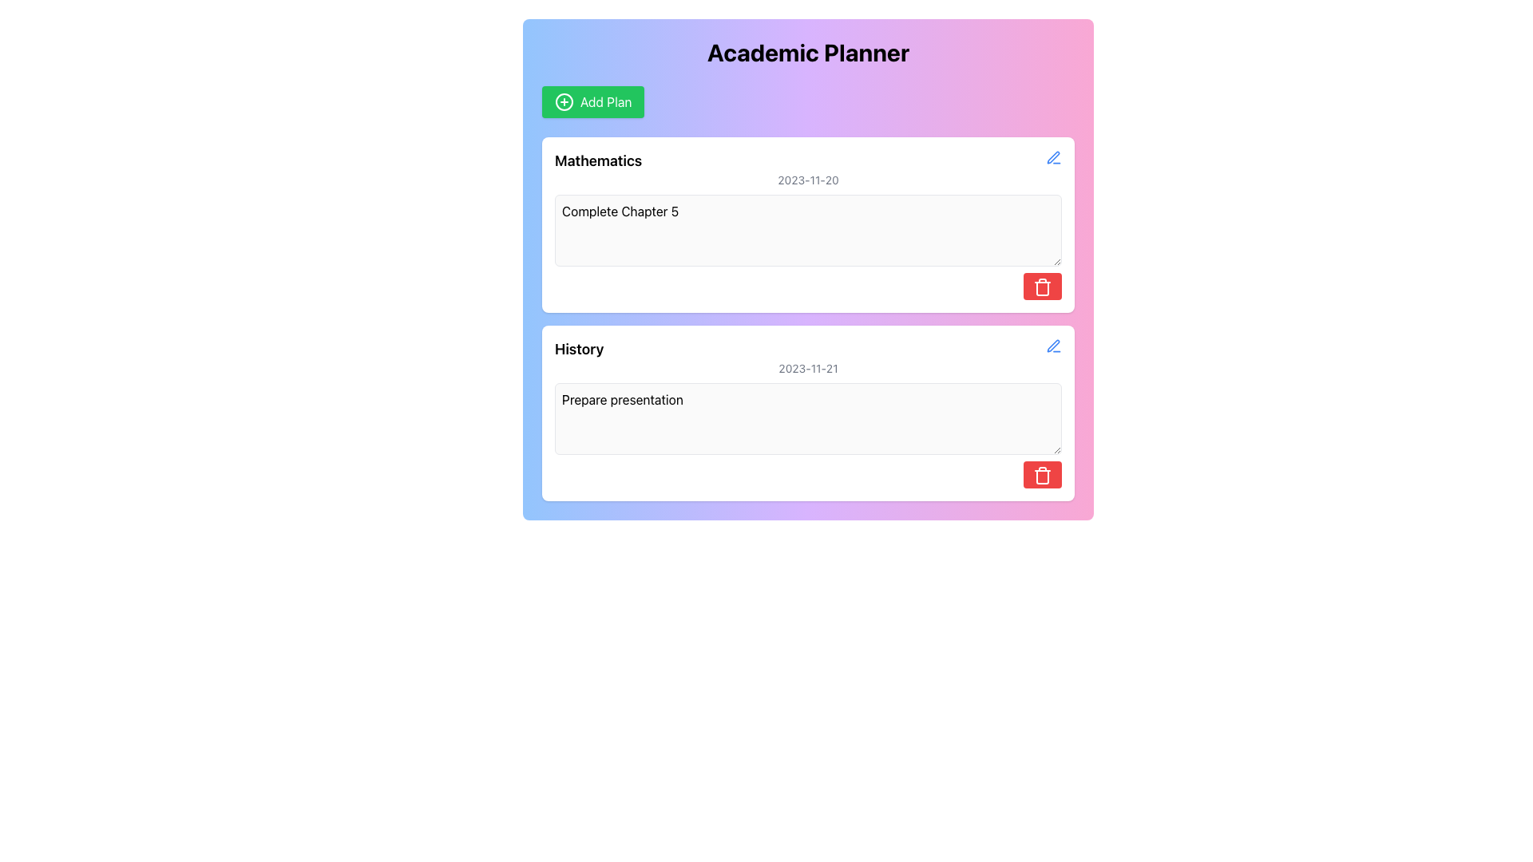 The height and width of the screenshot is (862, 1533). What do you see at coordinates (564, 101) in the screenshot?
I see `the 'Add Plan' icon located within the 'Add Plan' button to trigger a tooltip or visual feedback` at bounding box center [564, 101].